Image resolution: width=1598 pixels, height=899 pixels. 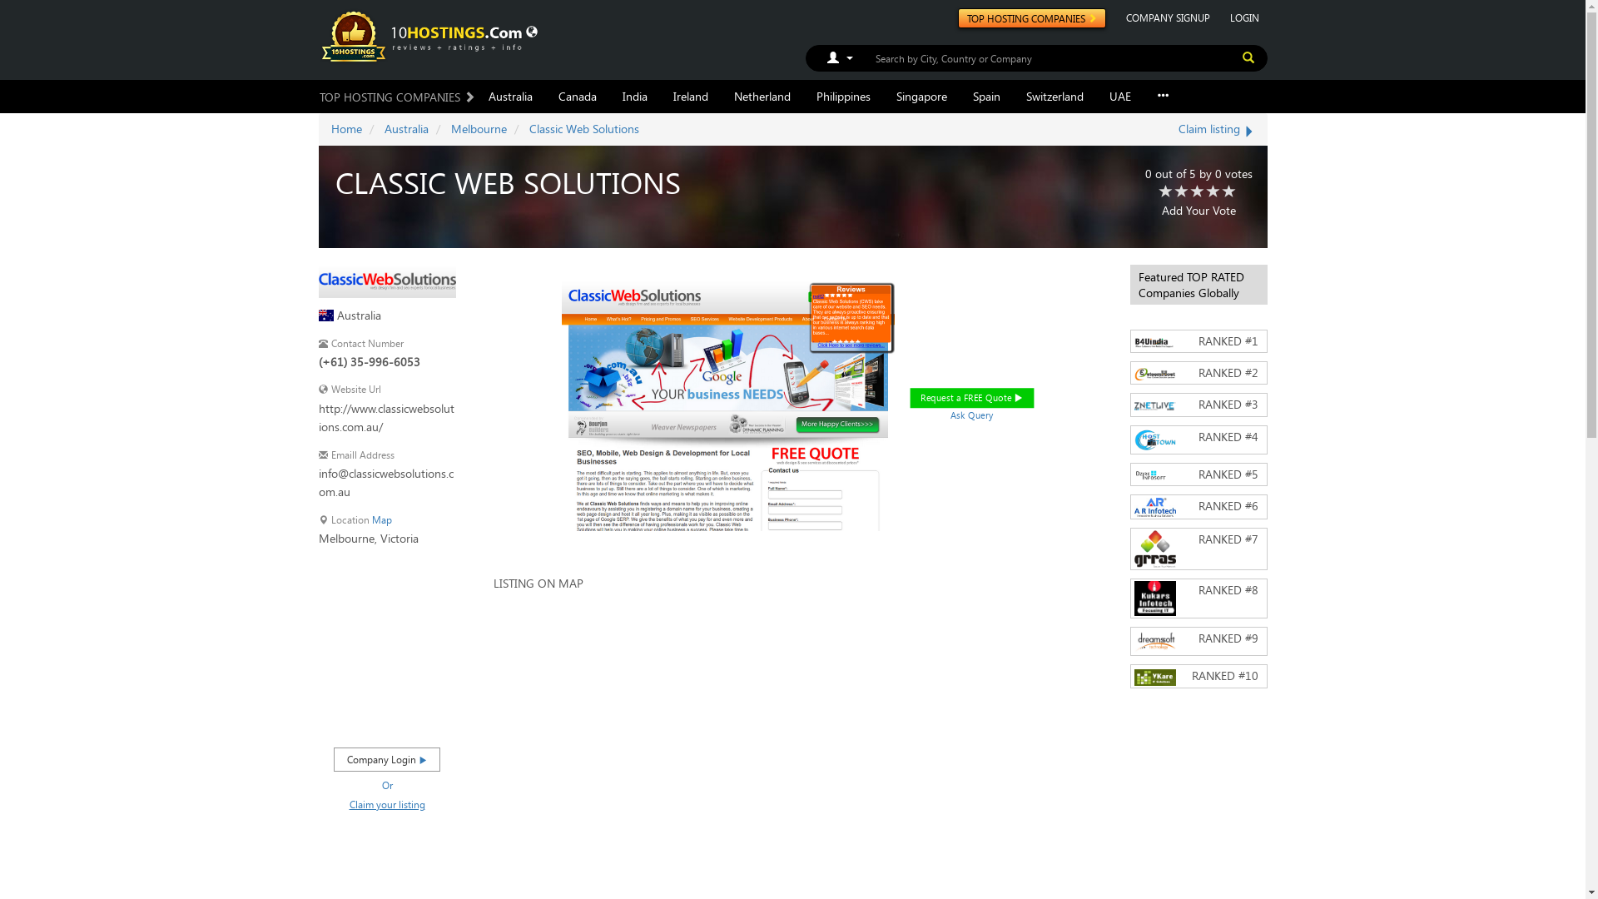 What do you see at coordinates (1198, 209) in the screenshot?
I see `'Add Your Vote'` at bounding box center [1198, 209].